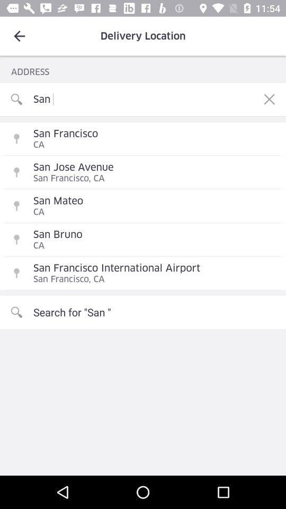 Image resolution: width=286 pixels, height=509 pixels. What do you see at coordinates (269, 99) in the screenshot?
I see `icon to the right of san` at bounding box center [269, 99].